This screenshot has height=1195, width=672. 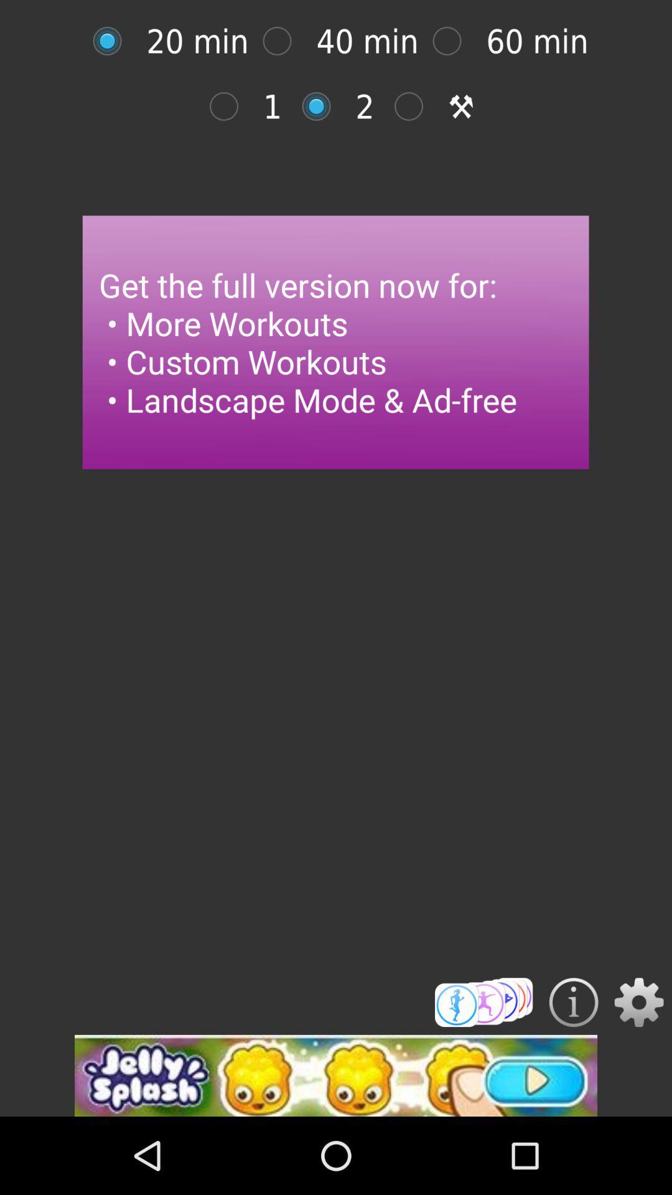 What do you see at coordinates (283, 41) in the screenshot?
I see `selection option` at bounding box center [283, 41].